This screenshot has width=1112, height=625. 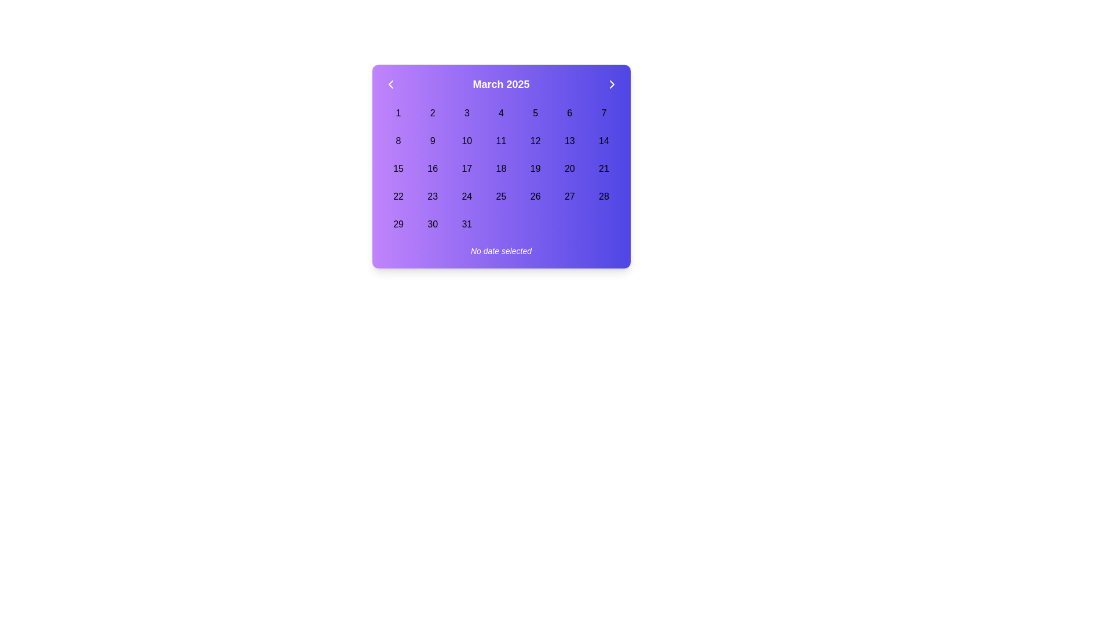 I want to click on on the button representing the selectable date of the 24th in the calendar grid layout, so click(x=467, y=196).